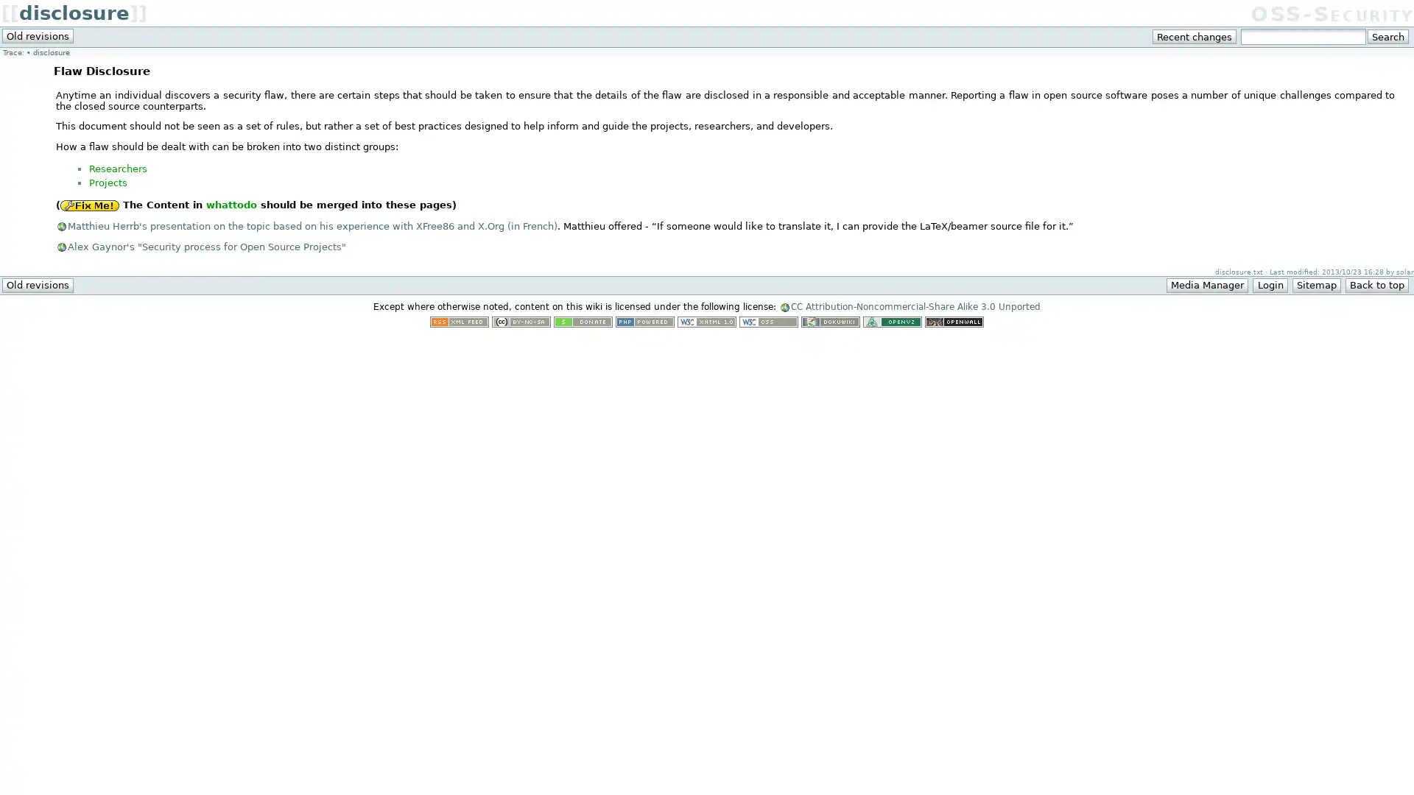 The width and height of the screenshot is (1414, 795). I want to click on Back to top, so click(1376, 285).